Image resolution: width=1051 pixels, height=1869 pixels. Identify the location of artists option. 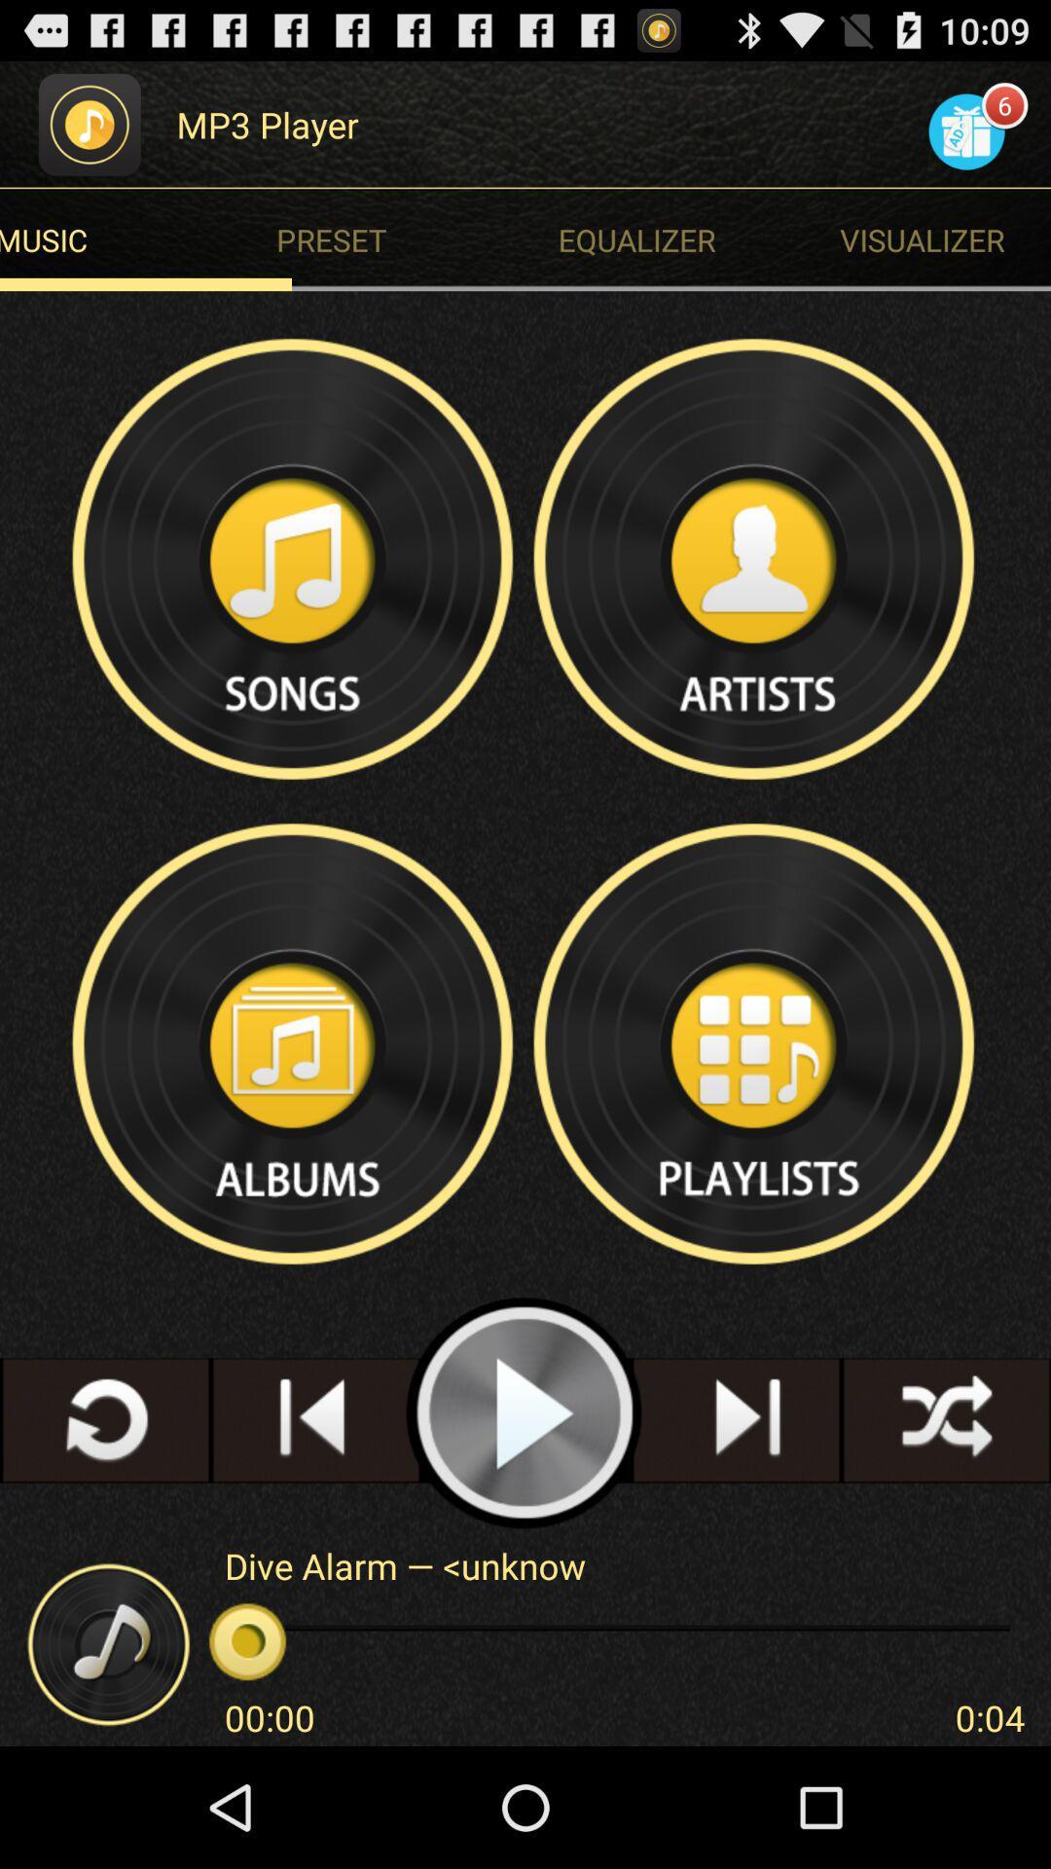
(754, 558).